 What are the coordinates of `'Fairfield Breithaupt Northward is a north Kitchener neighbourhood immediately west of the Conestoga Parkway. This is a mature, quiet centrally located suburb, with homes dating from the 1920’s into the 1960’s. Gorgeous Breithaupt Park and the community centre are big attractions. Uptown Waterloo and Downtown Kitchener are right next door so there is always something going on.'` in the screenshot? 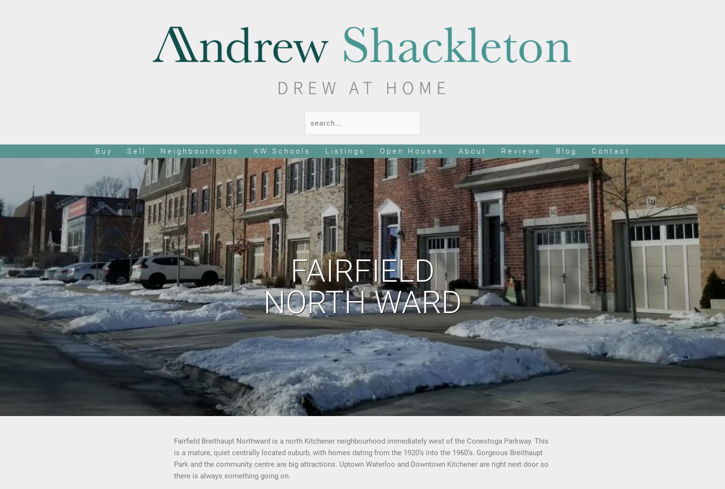 It's located at (361, 458).